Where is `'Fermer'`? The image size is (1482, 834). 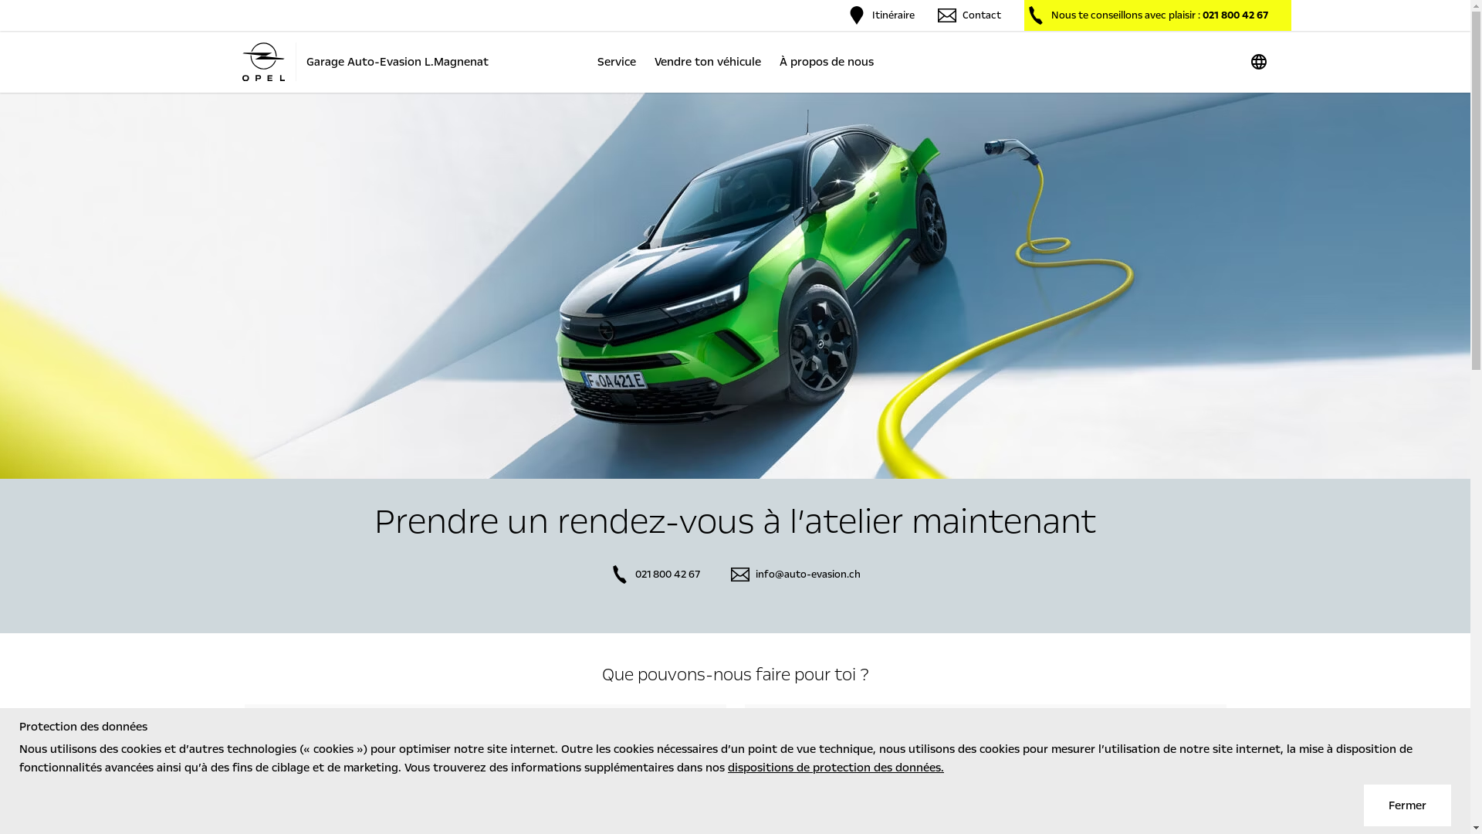 'Fermer' is located at coordinates (1407, 804).